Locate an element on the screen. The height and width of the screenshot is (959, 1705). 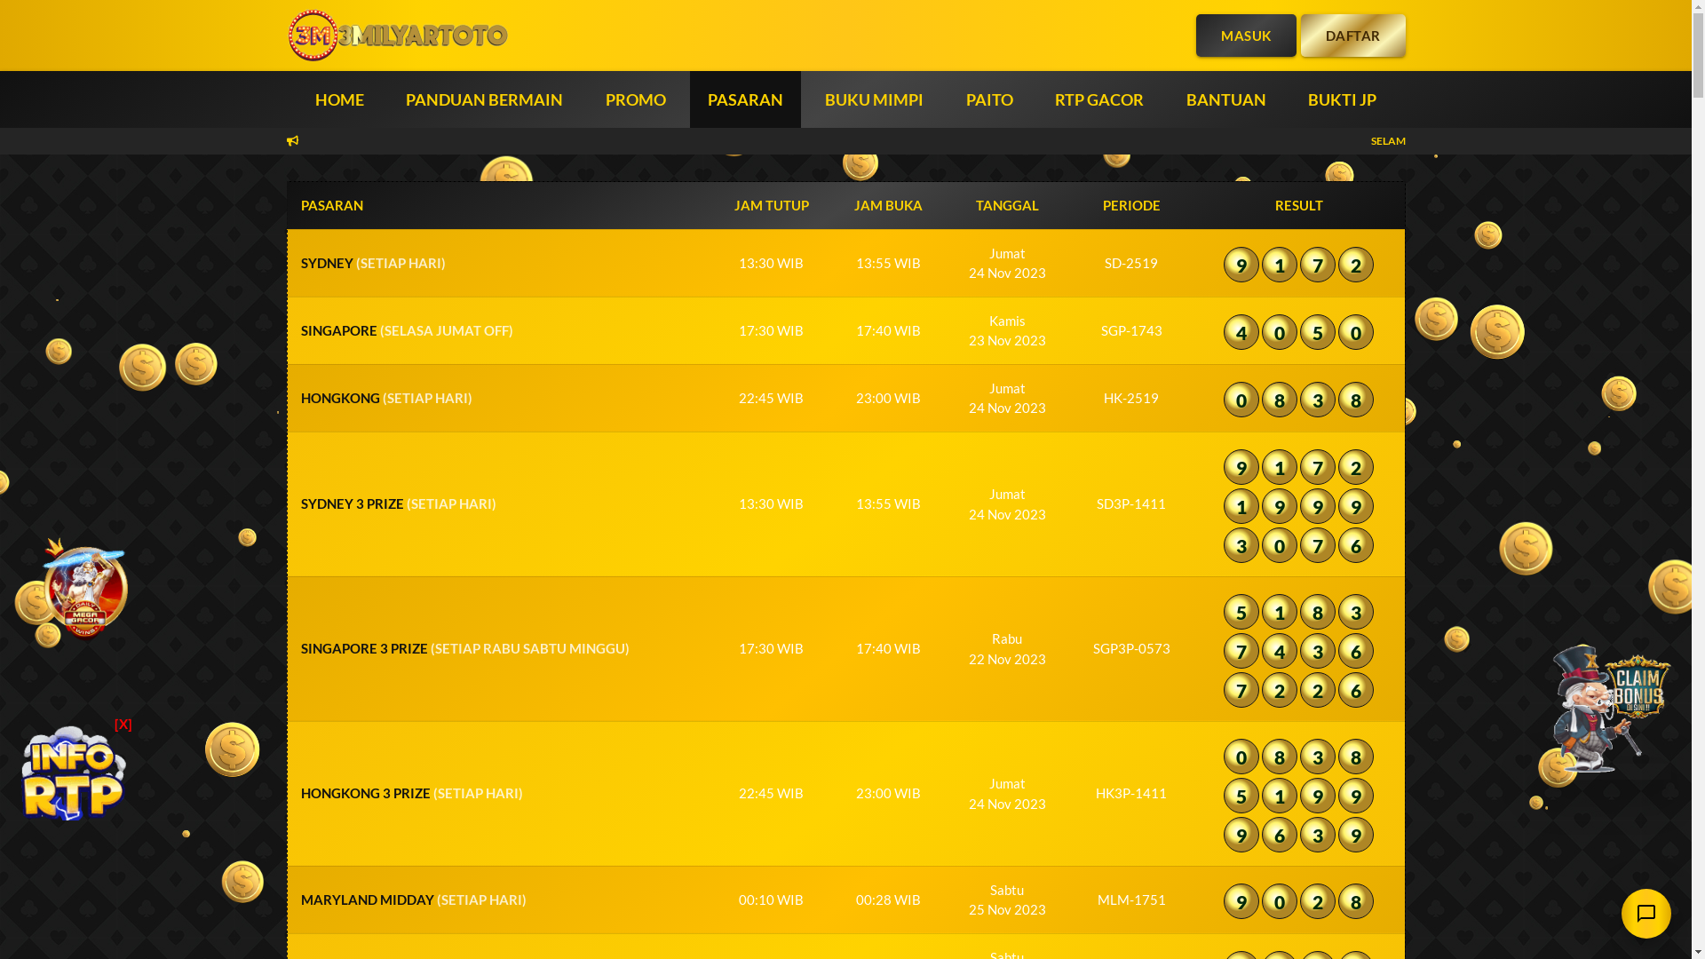
'HOME' is located at coordinates (339, 99).